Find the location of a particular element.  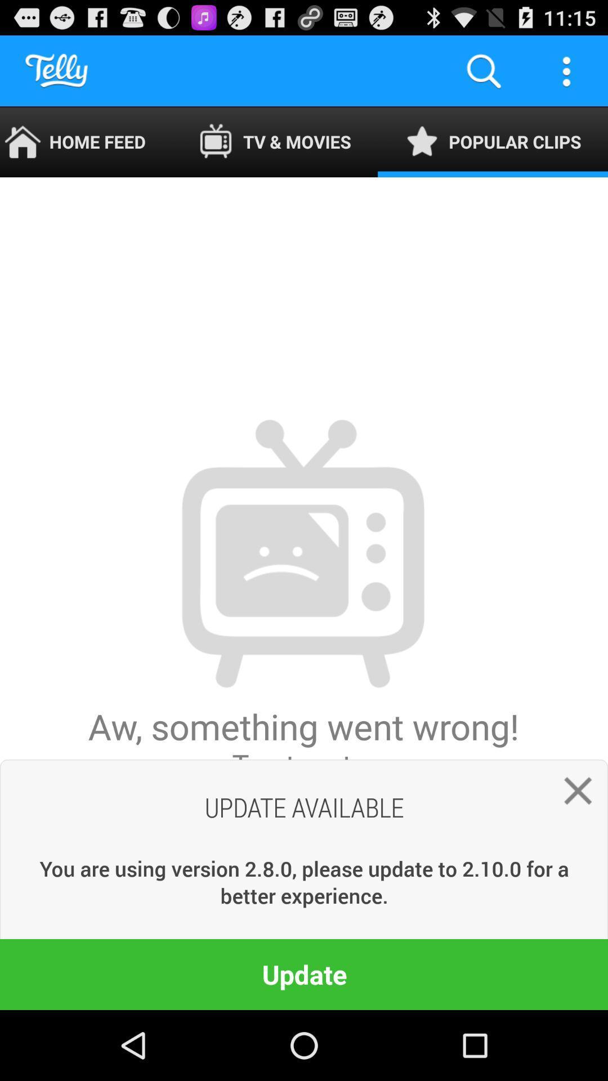

the aw something went app is located at coordinates (303, 593).